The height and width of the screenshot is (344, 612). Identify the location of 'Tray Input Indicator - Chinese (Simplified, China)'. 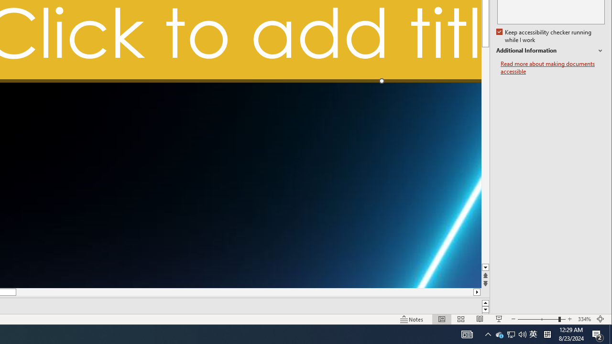
(547, 333).